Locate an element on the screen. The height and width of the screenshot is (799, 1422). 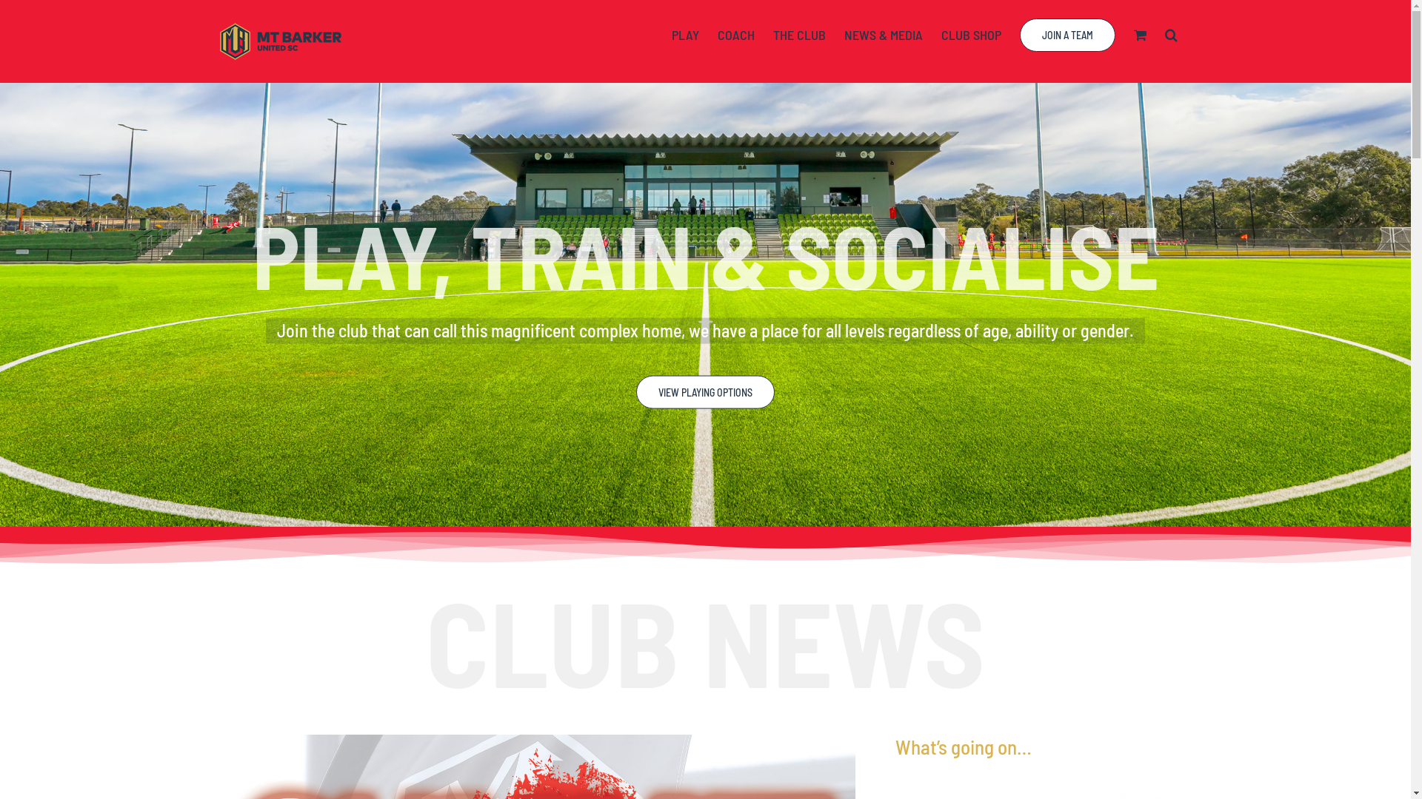
'Search' is located at coordinates (1164, 33).